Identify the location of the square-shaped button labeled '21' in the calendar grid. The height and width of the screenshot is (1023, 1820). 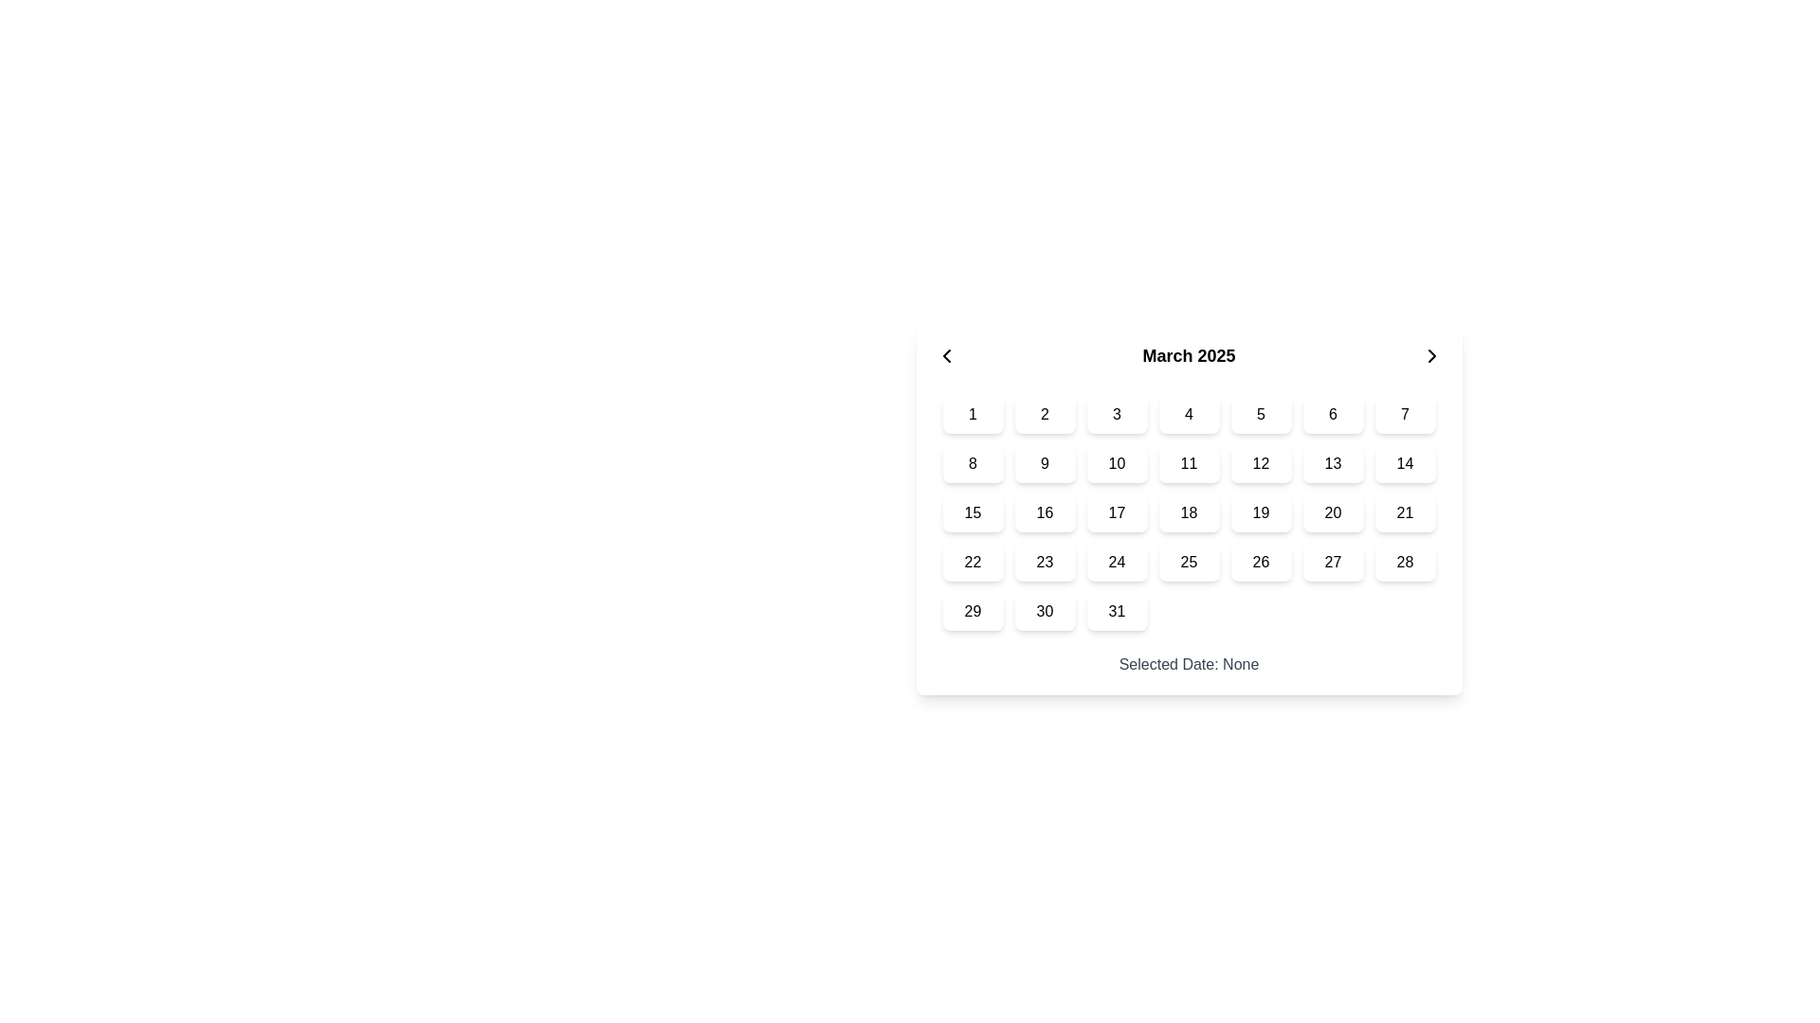
(1405, 513).